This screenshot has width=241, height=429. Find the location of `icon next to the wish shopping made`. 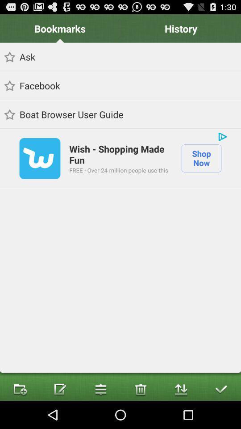

icon next to the wish shopping made is located at coordinates (201, 158).